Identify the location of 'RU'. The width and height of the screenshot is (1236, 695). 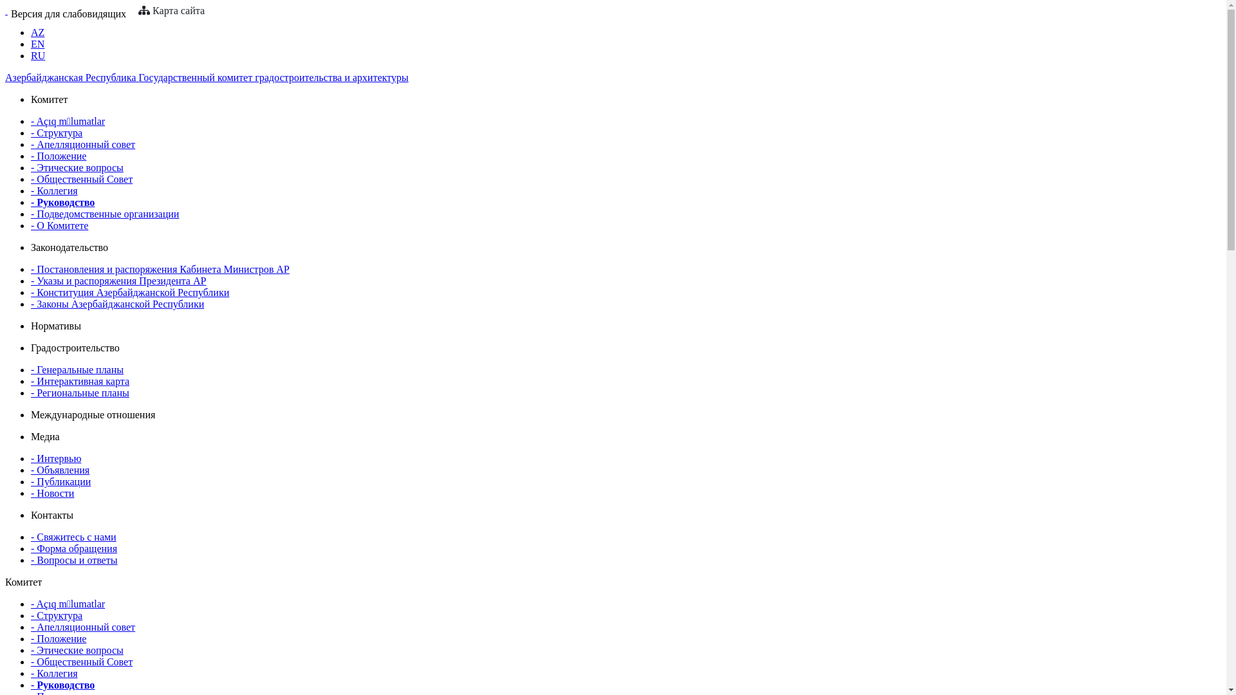
(31, 55).